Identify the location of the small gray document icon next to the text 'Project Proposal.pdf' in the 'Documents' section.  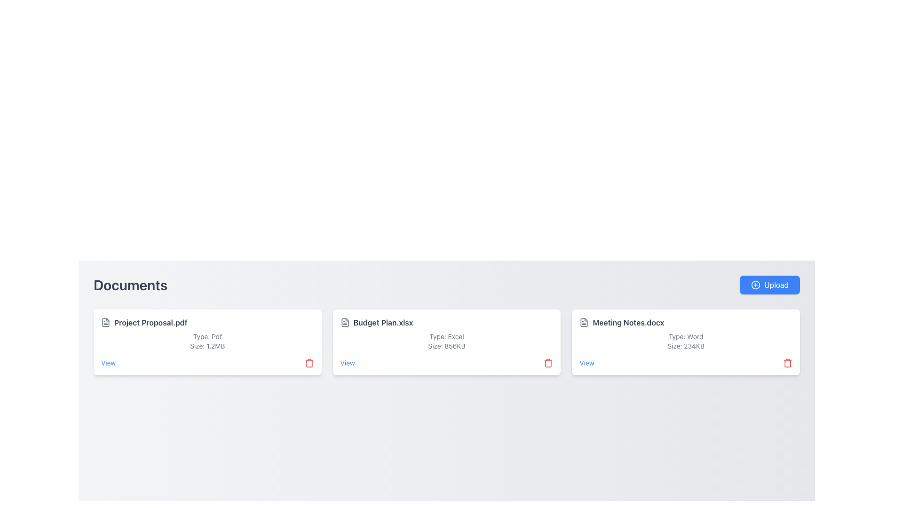
(106, 322).